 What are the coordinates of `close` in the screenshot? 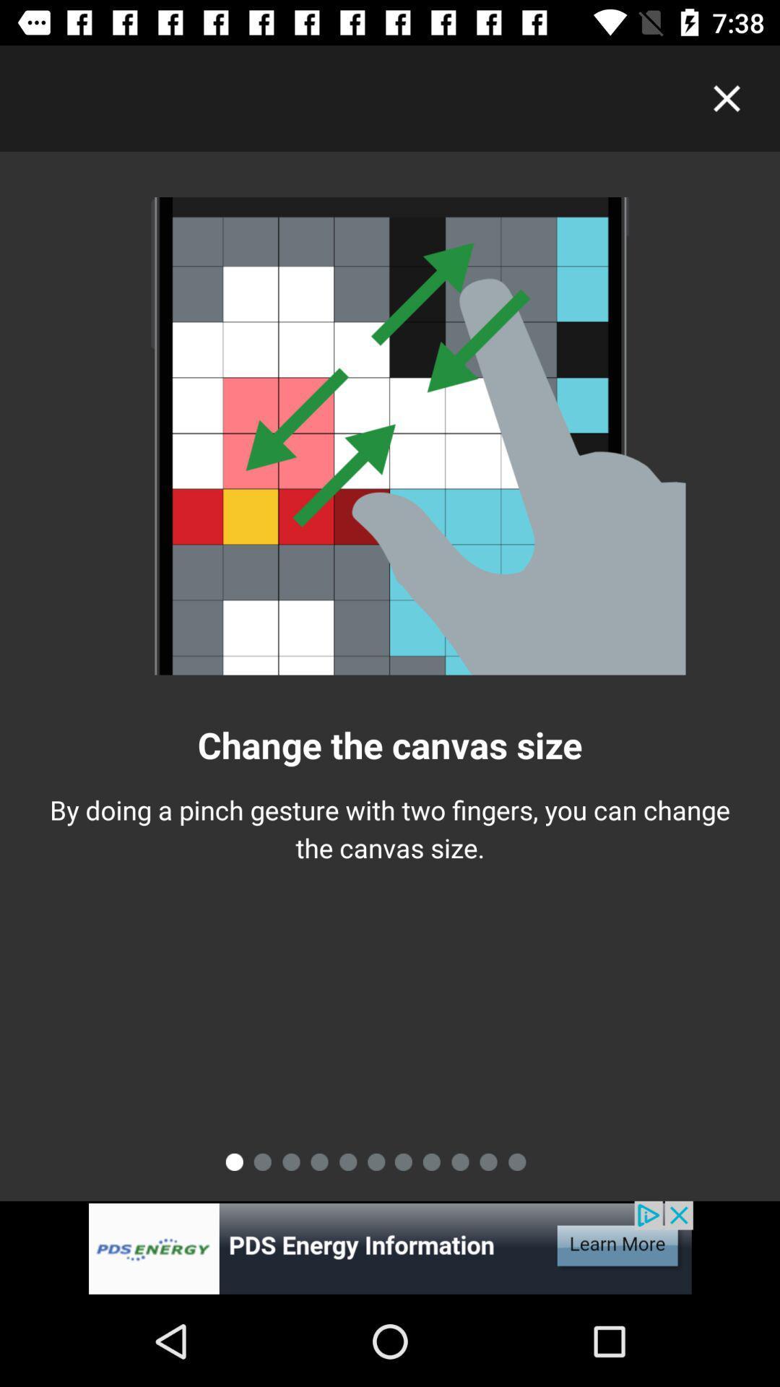 It's located at (727, 98).